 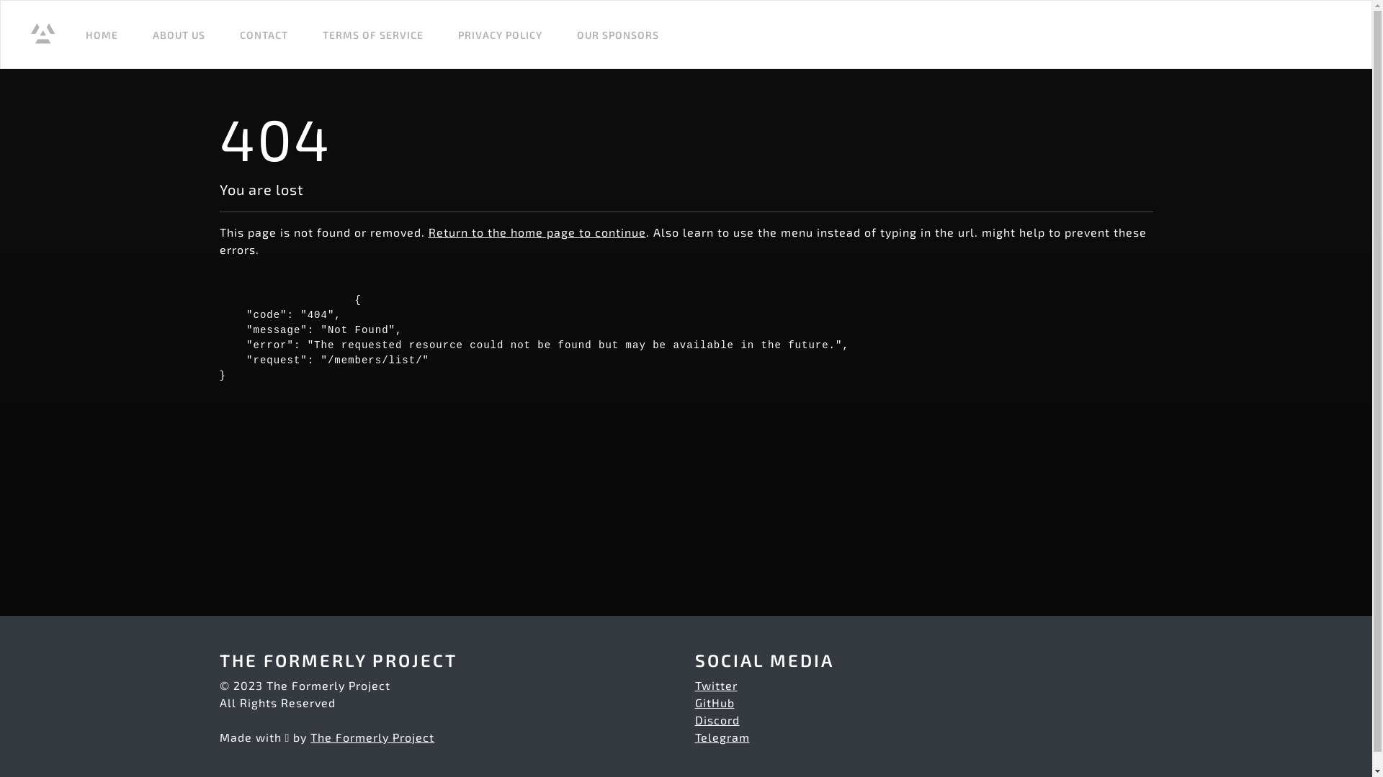 What do you see at coordinates (101, 33) in the screenshot?
I see `'HOME'` at bounding box center [101, 33].